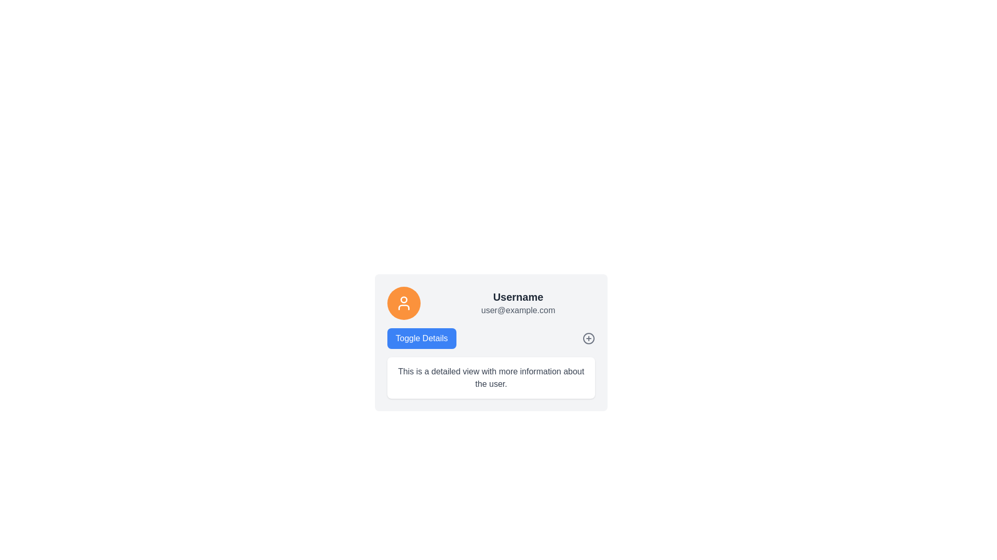  Describe the element at coordinates (518, 297) in the screenshot. I see `the bold text displaying 'Username'` at that location.